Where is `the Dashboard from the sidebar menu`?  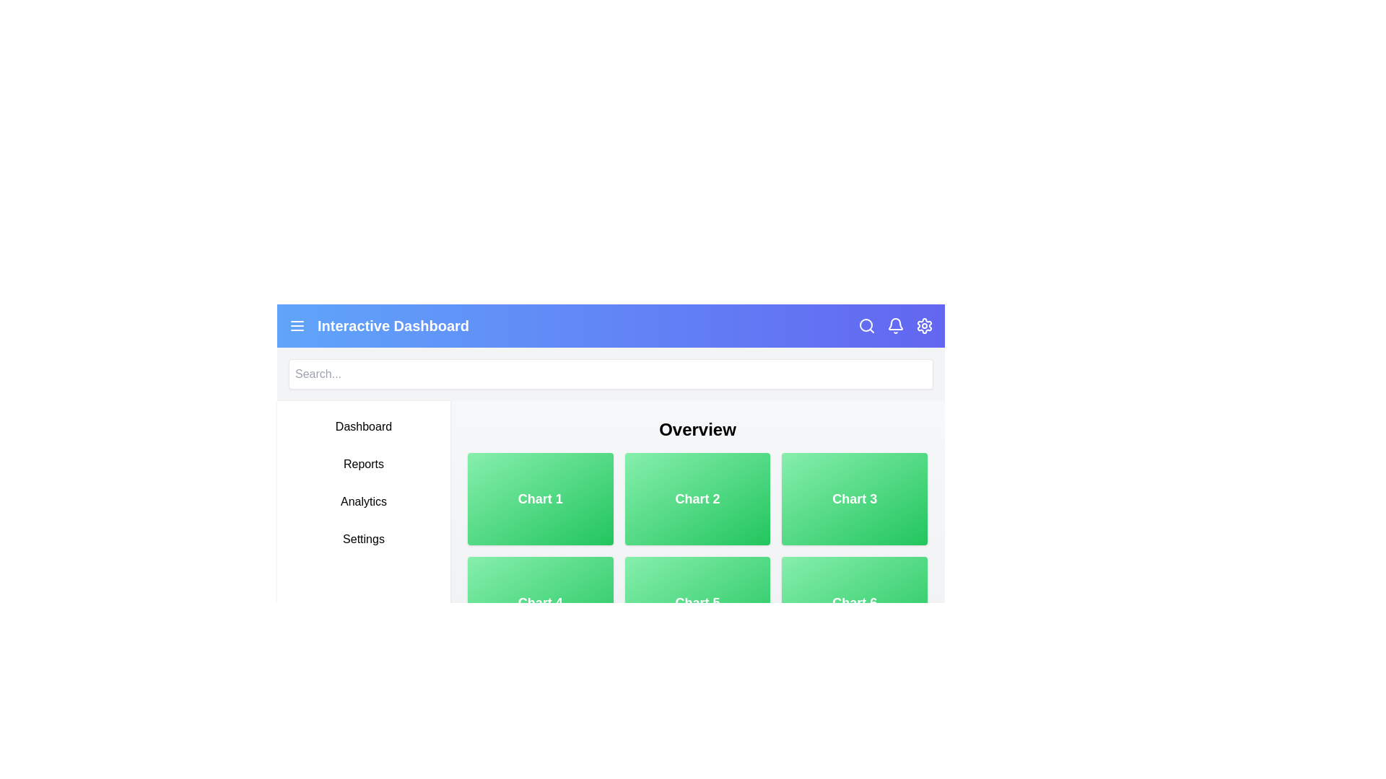
the Dashboard from the sidebar menu is located at coordinates (364, 426).